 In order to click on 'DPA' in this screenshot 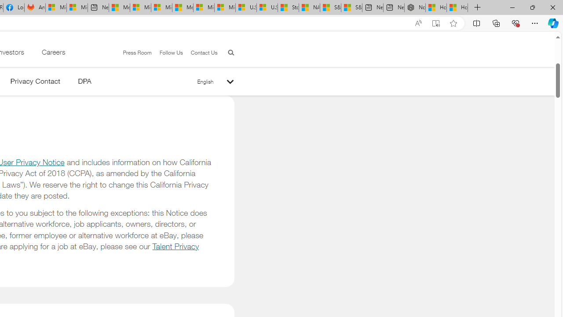, I will do `click(84, 83)`.